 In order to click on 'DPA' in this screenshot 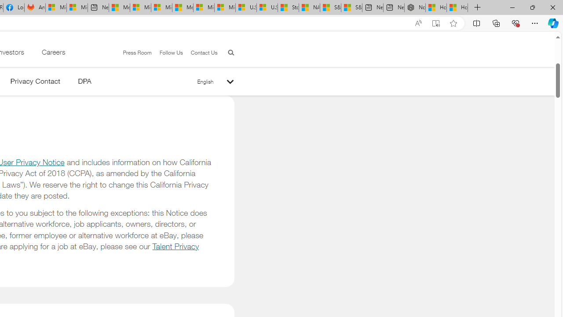, I will do `click(84, 83)`.